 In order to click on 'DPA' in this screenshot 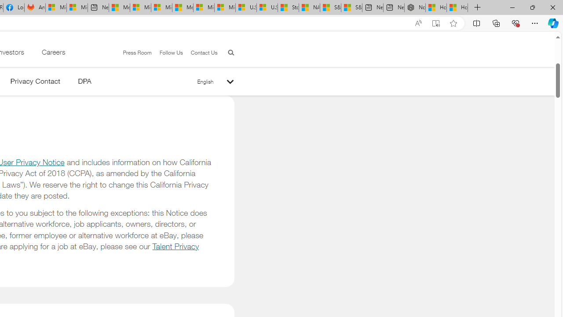, I will do `click(84, 83)`.